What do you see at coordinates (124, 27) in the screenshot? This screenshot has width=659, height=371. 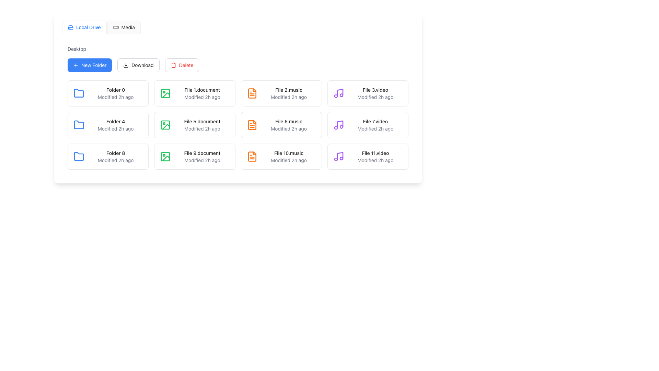 I see `the 'Media' tab` at bounding box center [124, 27].